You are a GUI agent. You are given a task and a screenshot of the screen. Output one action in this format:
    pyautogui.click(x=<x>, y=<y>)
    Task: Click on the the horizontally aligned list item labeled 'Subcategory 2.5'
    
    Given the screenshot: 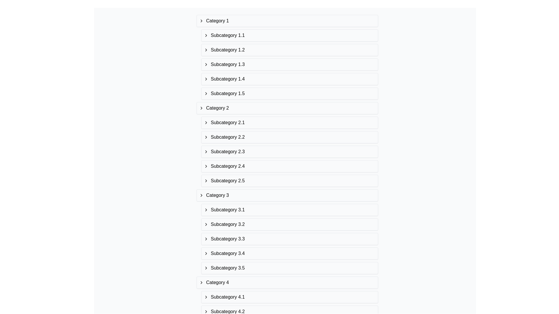 What is the action you would take?
    pyautogui.click(x=289, y=180)
    